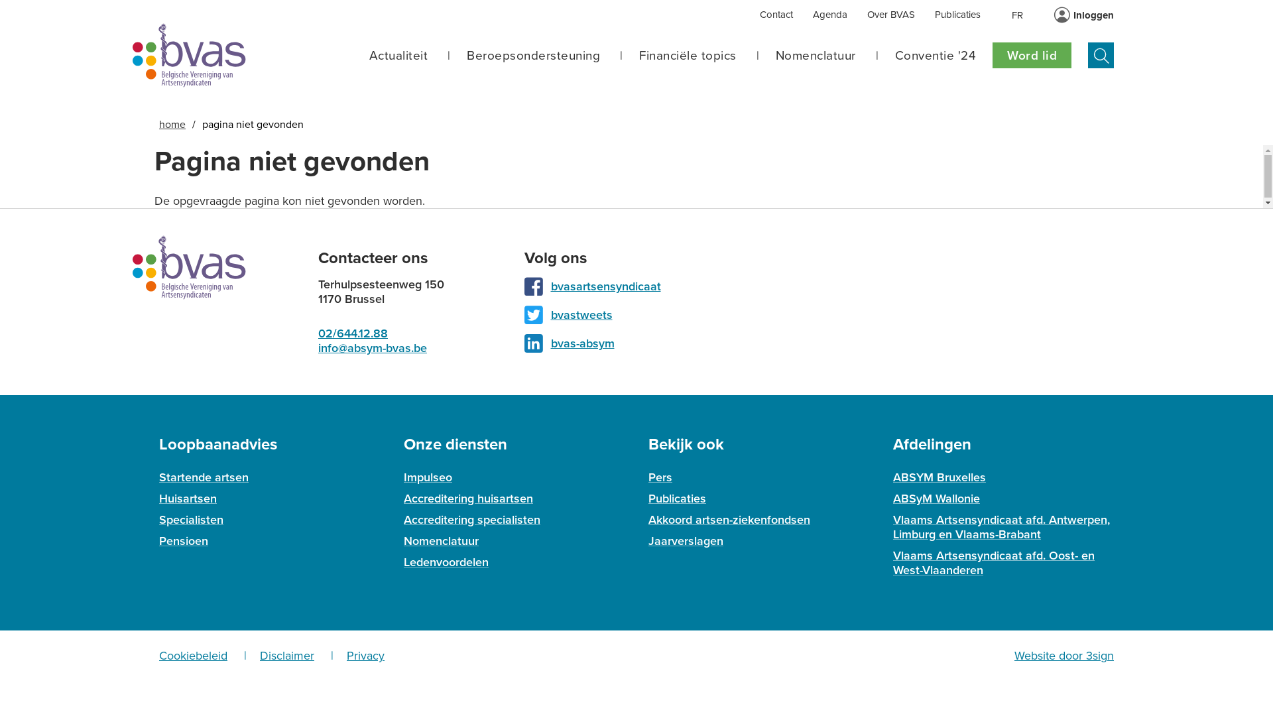  I want to click on 'Startende artsen', so click(203, 477).